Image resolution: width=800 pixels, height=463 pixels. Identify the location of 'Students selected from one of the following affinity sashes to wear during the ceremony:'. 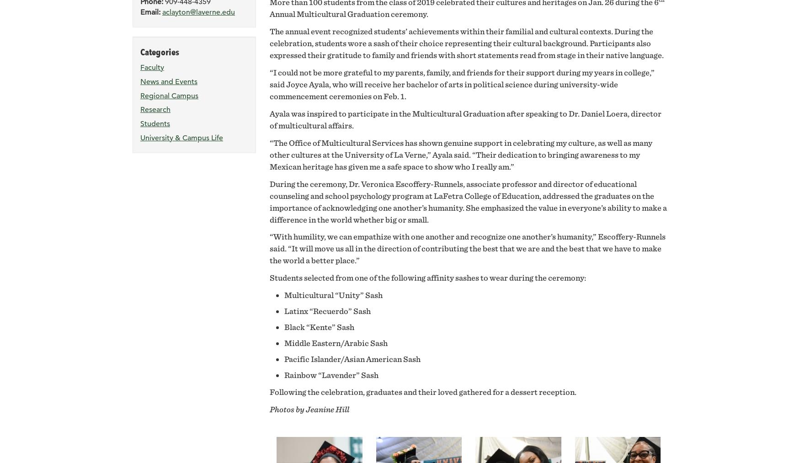
(427, 277).